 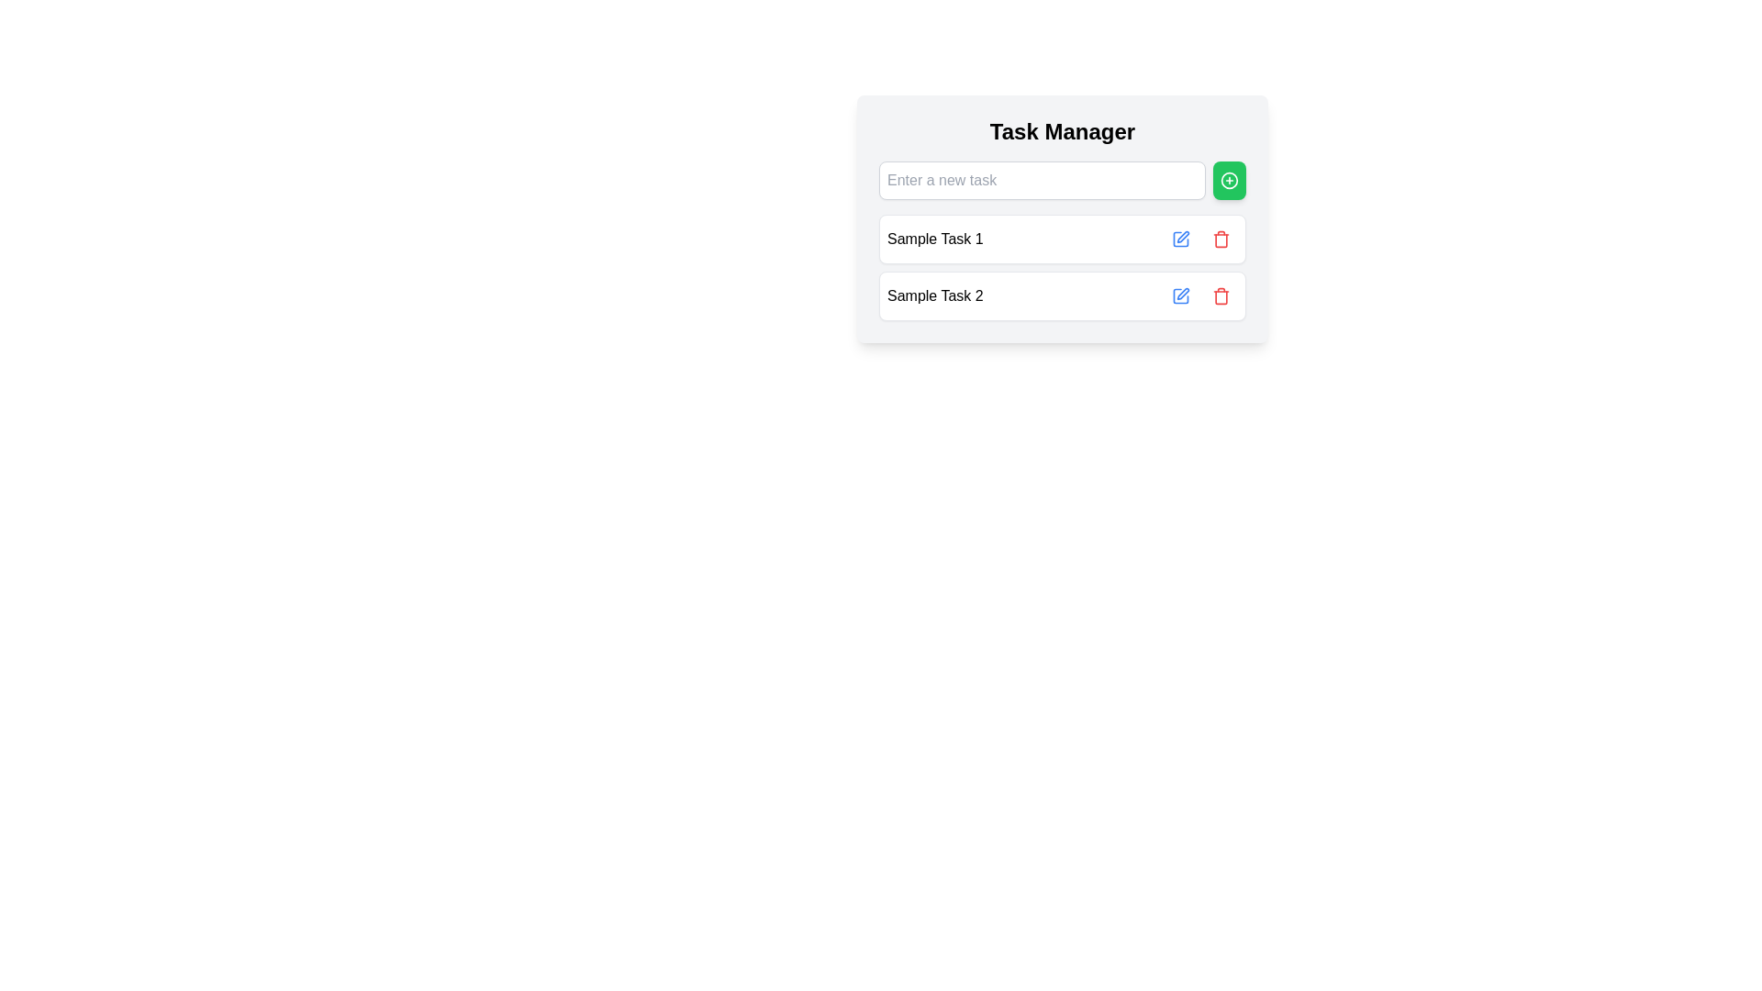 I want to click on the edit action icon for 'Sample Task 2', so click(x=1180, y=295).